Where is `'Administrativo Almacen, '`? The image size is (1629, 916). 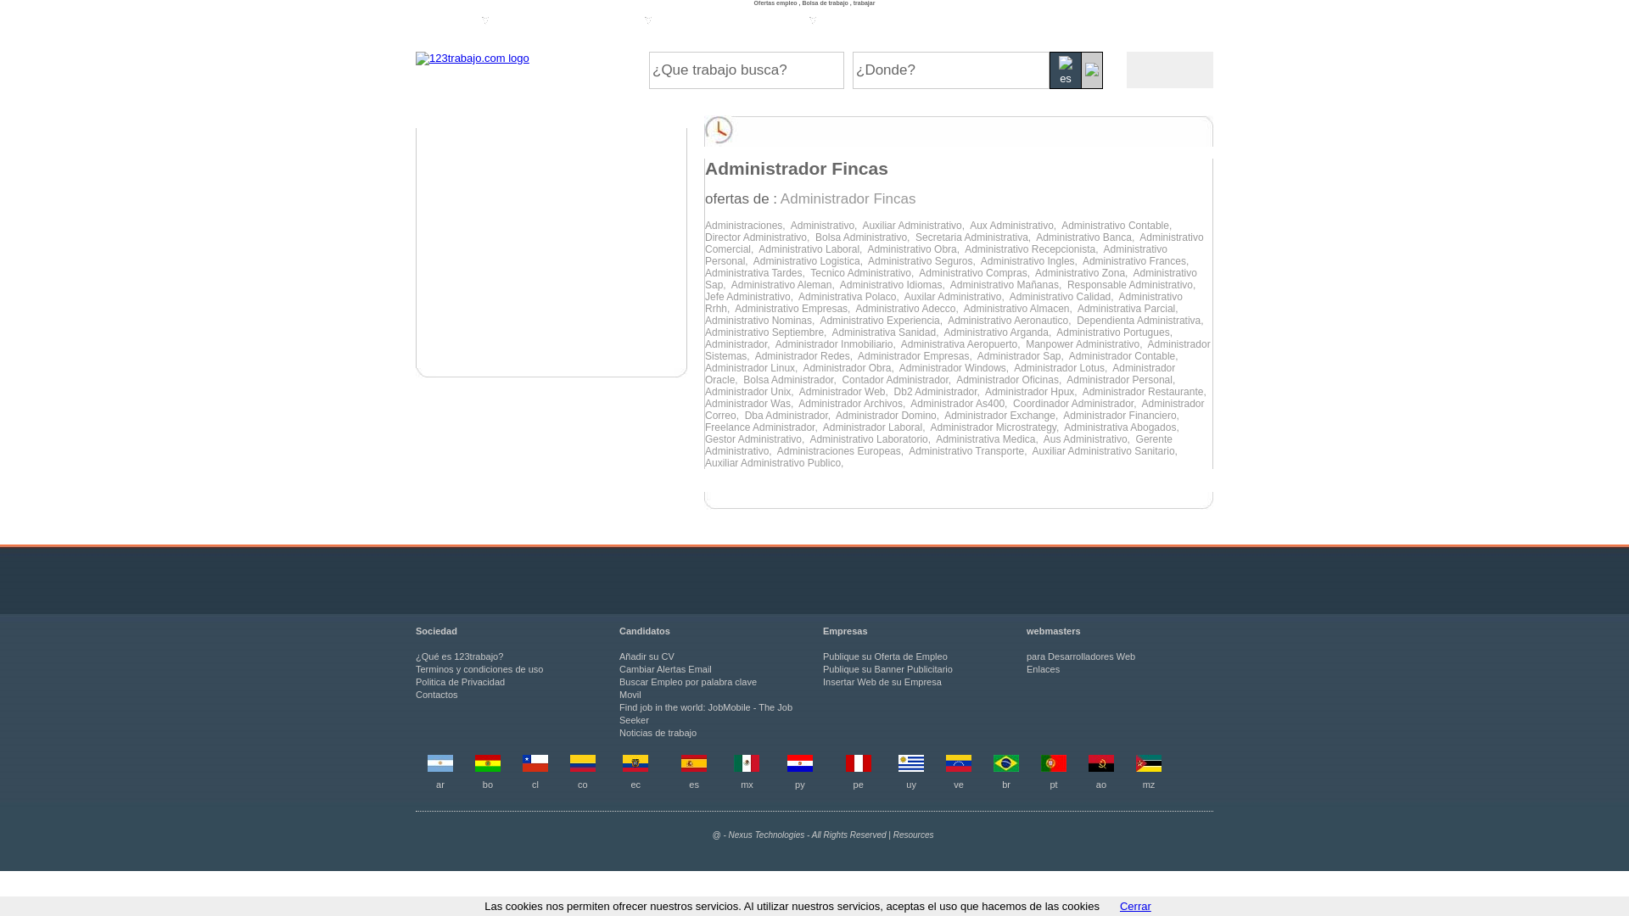
'Administrativo Almacen, ' is located at coordinates (1020, 308).